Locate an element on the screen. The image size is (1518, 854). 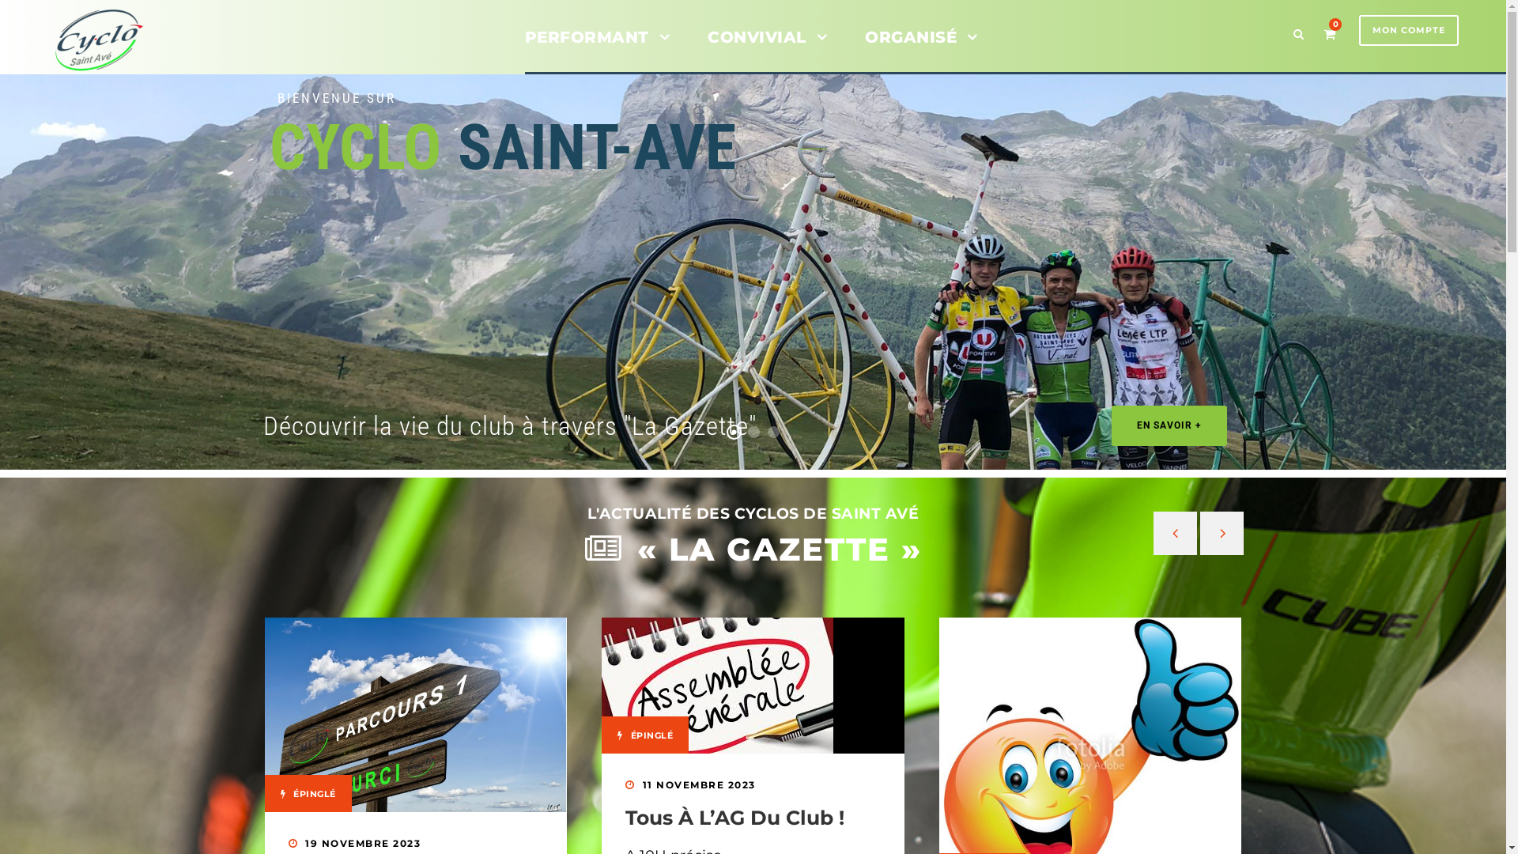
'logo-cyclosaintave' is located at coordinates (47, 39).